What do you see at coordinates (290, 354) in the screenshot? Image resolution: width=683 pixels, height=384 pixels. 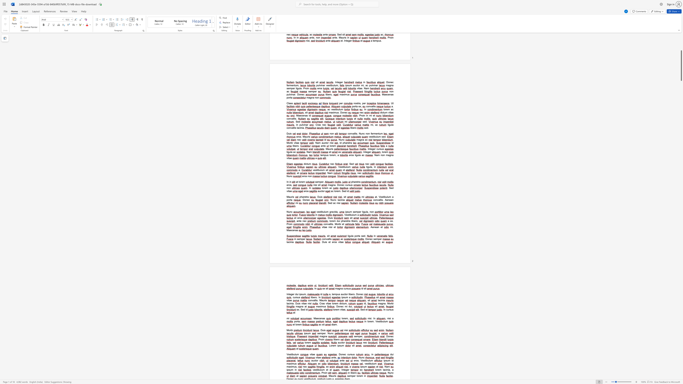 I see `the space between the continuous character "e" and "s" in the text` at bounding box center [290, 354].